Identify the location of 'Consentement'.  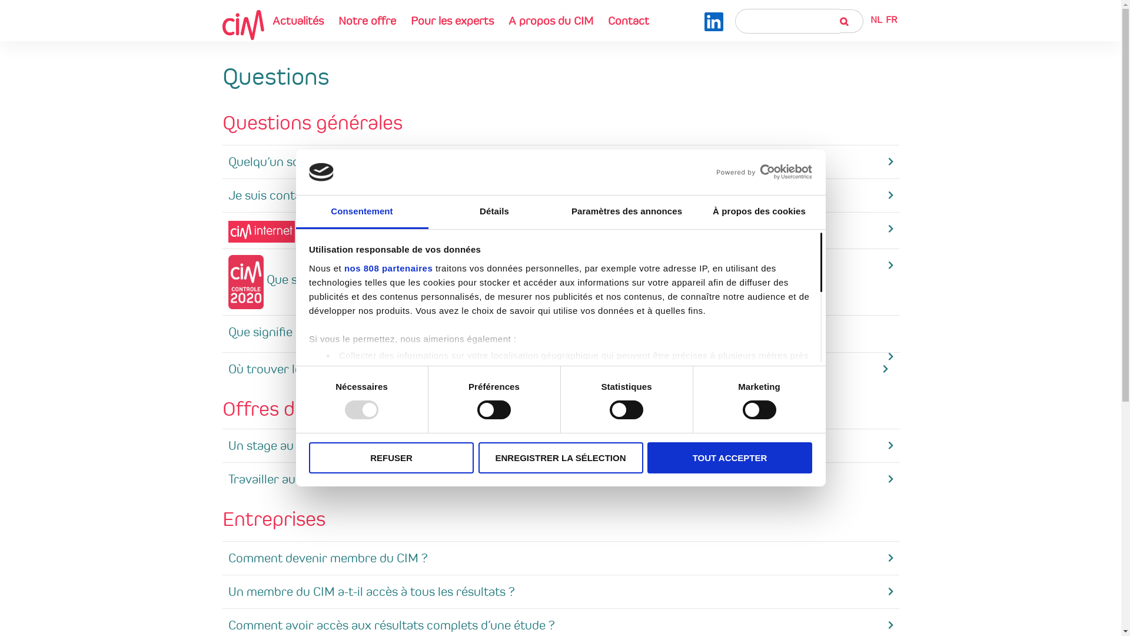
(361, 212).